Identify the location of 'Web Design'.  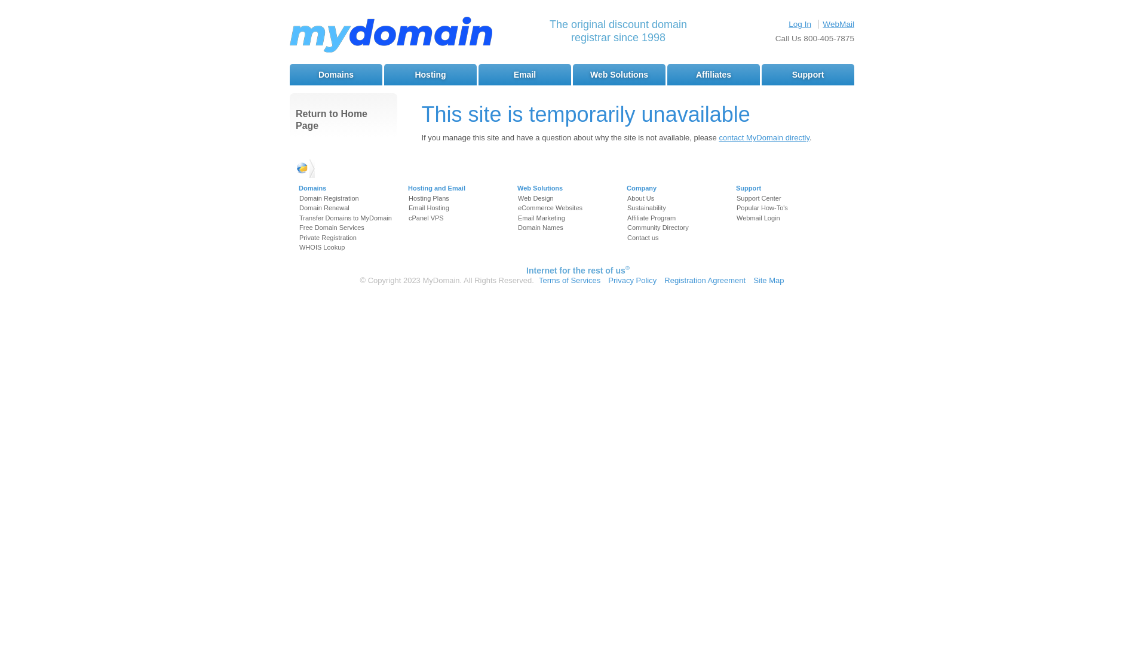
(518, 197).